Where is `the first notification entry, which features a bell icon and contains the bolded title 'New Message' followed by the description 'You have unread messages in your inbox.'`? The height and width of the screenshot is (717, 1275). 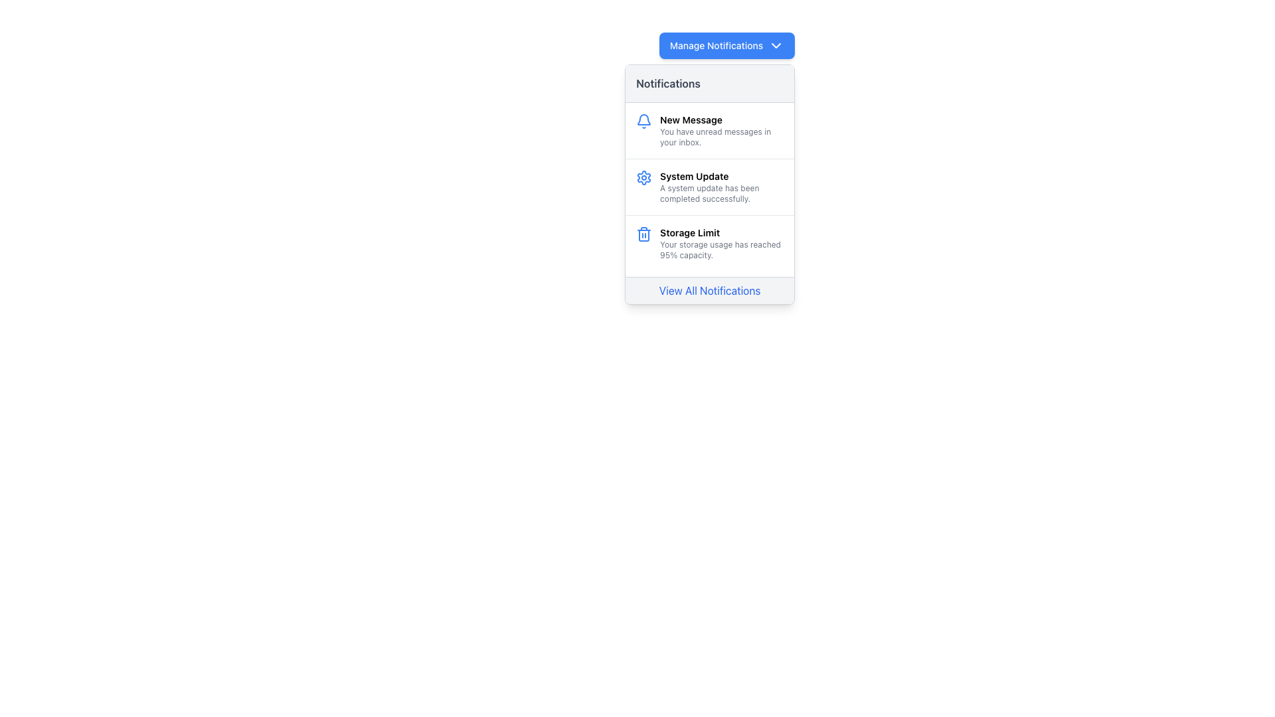
the first notification entry, which features a bell icon and contains the bolded title 'New Message' followed by the description 'You have unread messages in your inbox.' is located at coordinates (709, 130).